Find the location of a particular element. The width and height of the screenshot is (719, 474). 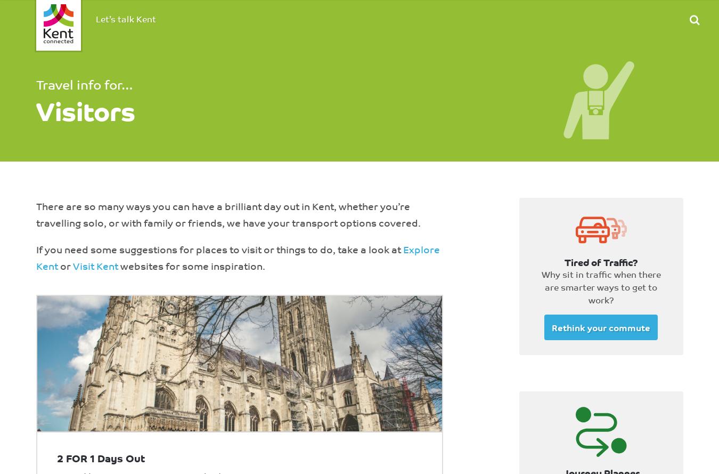

'Visit Kent' is located at coordinates (95, 265).